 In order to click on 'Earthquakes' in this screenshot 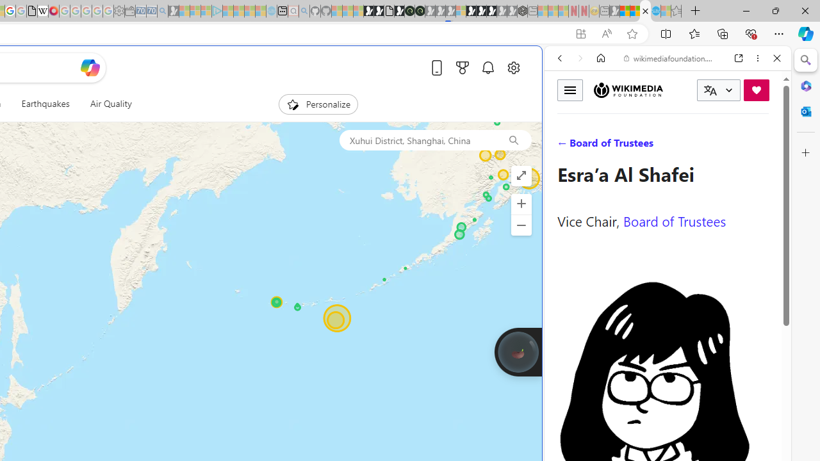, I will do `click(45, 104)`.